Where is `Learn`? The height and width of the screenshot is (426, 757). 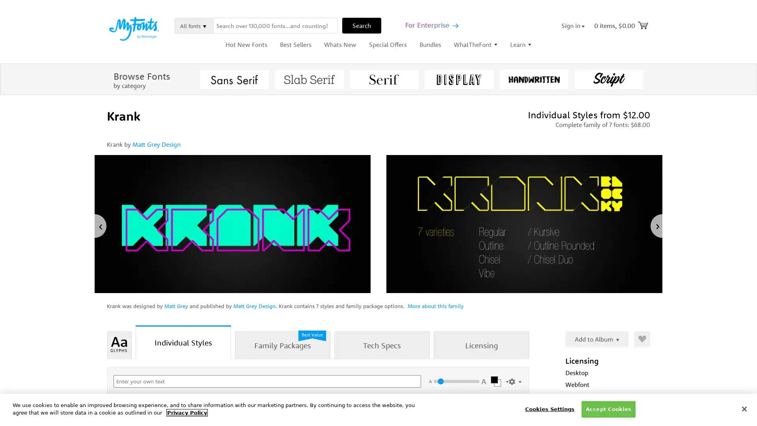 Learn is located at coordinates (520, 44).